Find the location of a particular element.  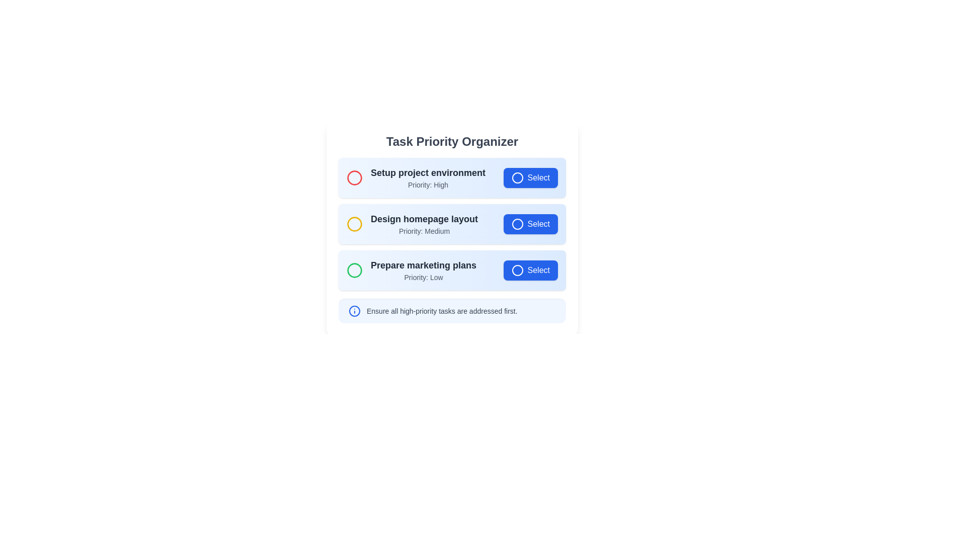

the circular icon located near the 'Select' button for the 'Setup project environment' task in the first row of the task organizer list is located at coordinates (517, 177).